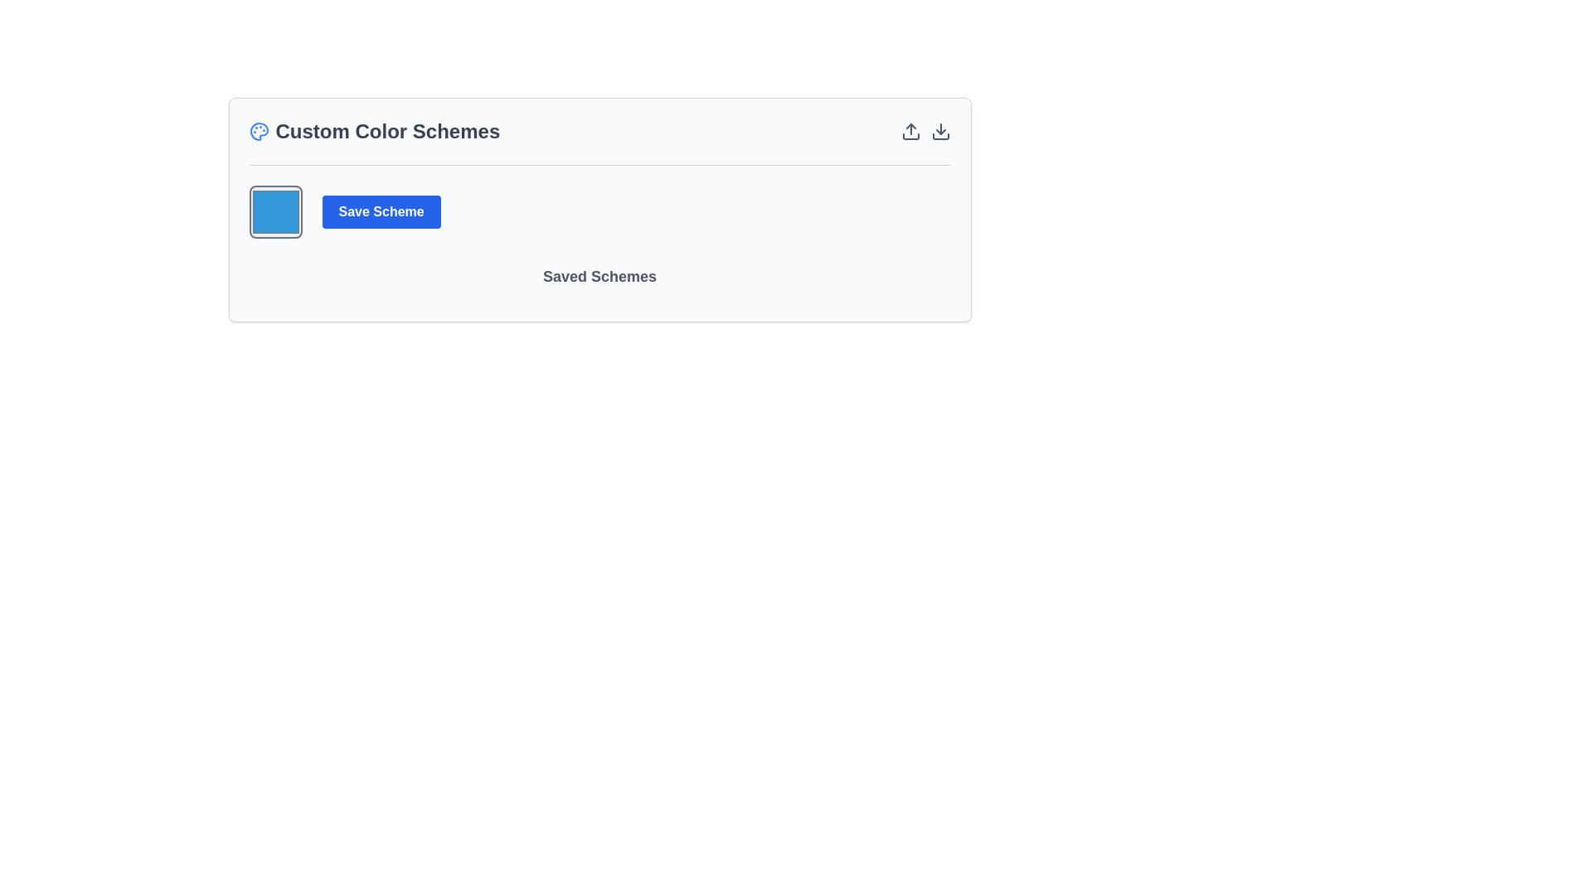 The image size is (1592, 895). I want to click on text content of the static header element indicating the beginning of the saved schemes section, located directly above the grid structure under 'Custom Color Schemes', so click(599, 276).